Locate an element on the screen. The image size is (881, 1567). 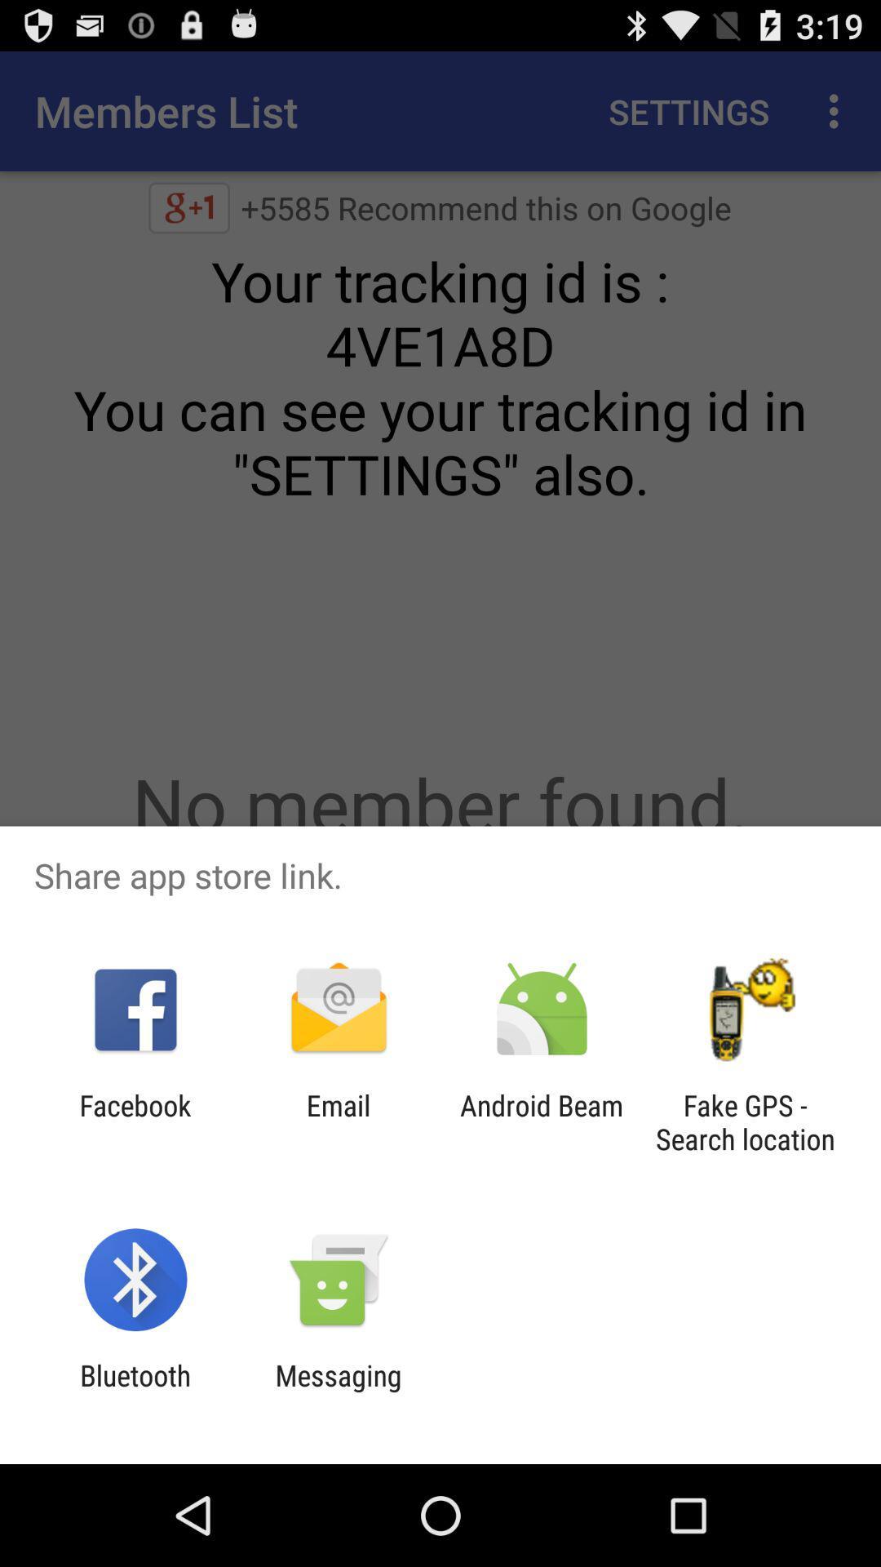
fake gps search is located at coordinates (745, 1121).